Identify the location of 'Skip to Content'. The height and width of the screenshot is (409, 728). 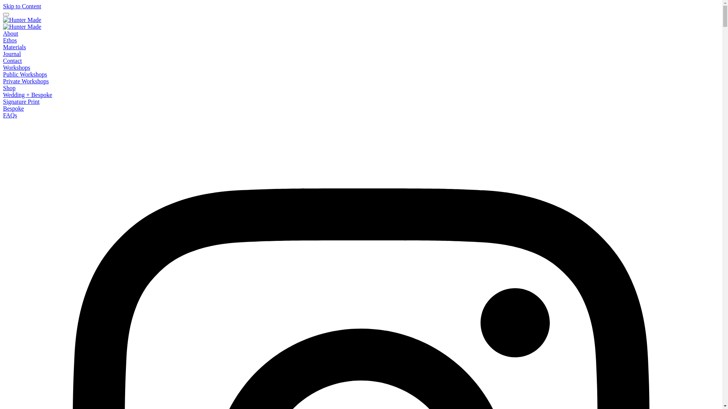
(22, 6).